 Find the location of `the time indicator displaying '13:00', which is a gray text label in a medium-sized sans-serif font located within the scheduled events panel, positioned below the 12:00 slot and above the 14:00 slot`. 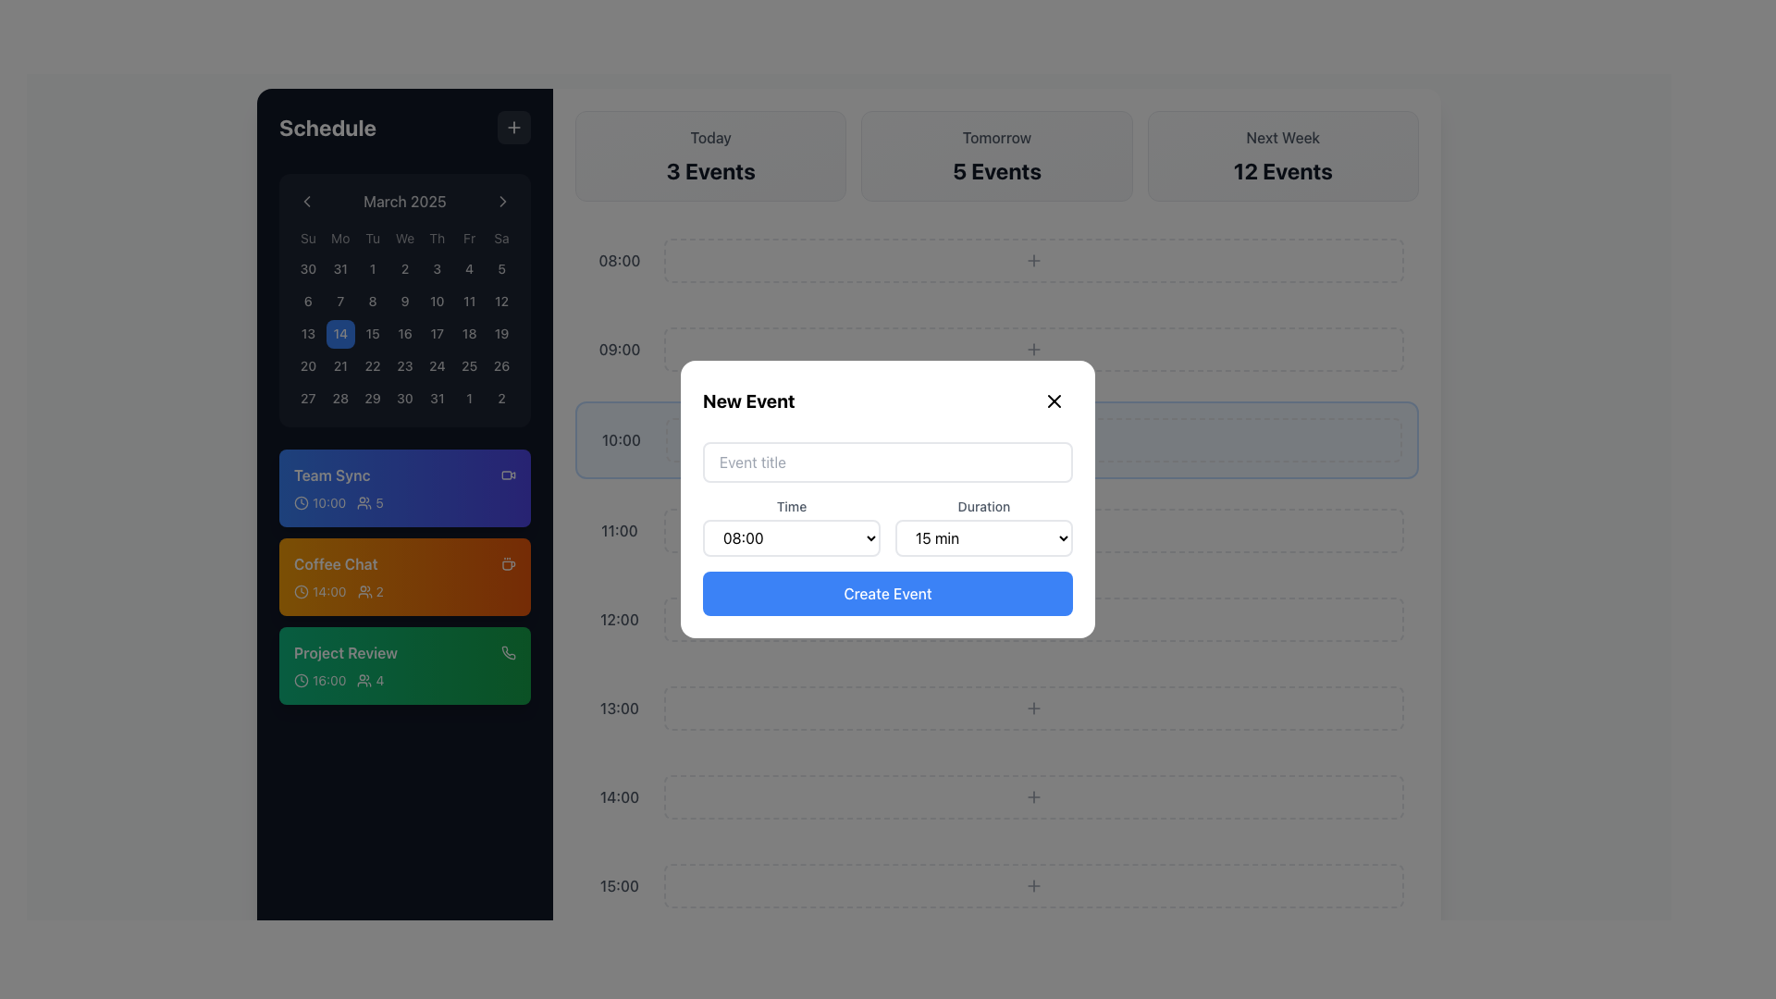

the time indicator displaying '13:00', which is a gray text label in a medium-sized sans-serif font located within the scheduled events panel, positioned below the 12:00 slot and above the 14:00 slot is located at coordinates (620, 708).